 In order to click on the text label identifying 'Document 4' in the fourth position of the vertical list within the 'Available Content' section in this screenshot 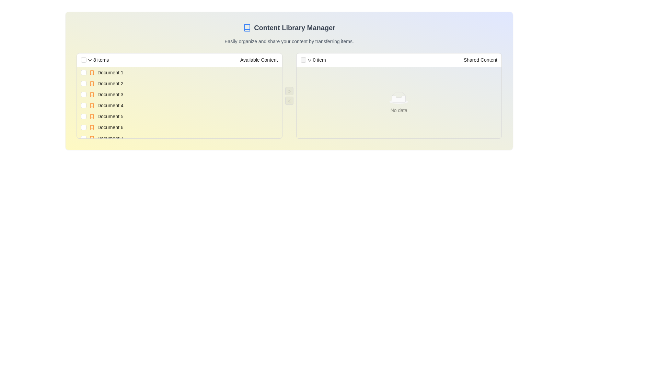, I will do `click(110, 106)`.